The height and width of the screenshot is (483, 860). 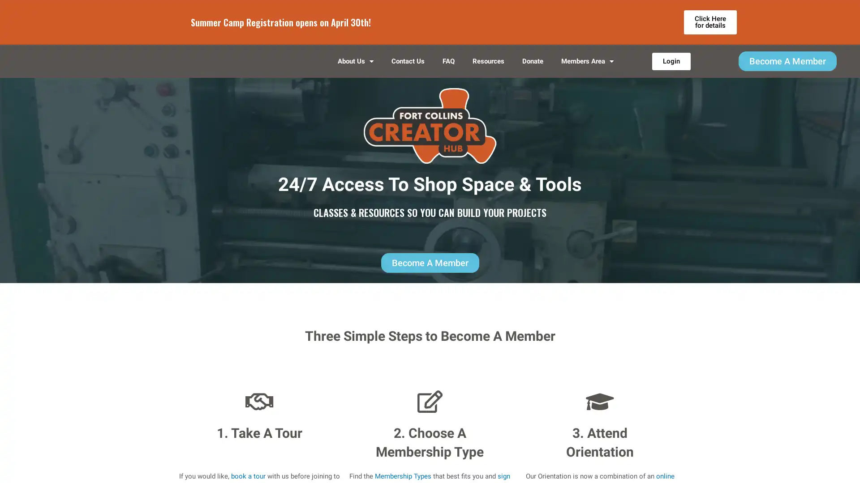 I want to click on Become A Member, so click(x=787, y=67).